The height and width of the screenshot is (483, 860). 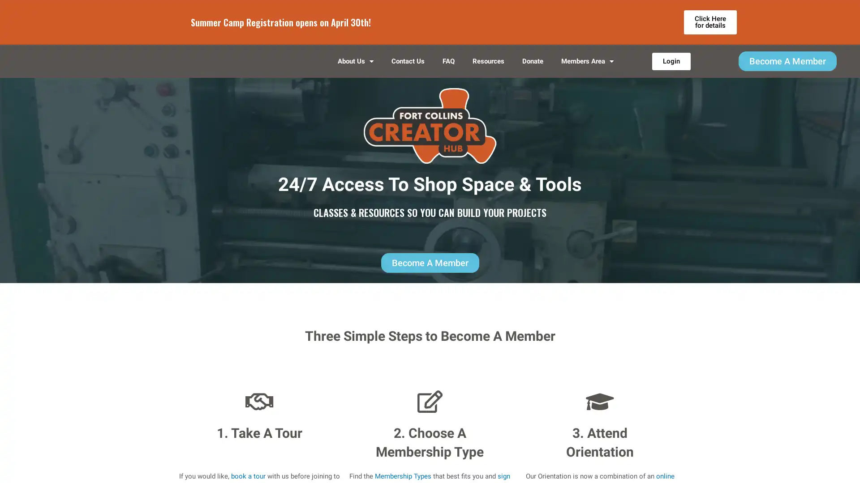 I want to click on Become A Member, so click(x=787, y=67).